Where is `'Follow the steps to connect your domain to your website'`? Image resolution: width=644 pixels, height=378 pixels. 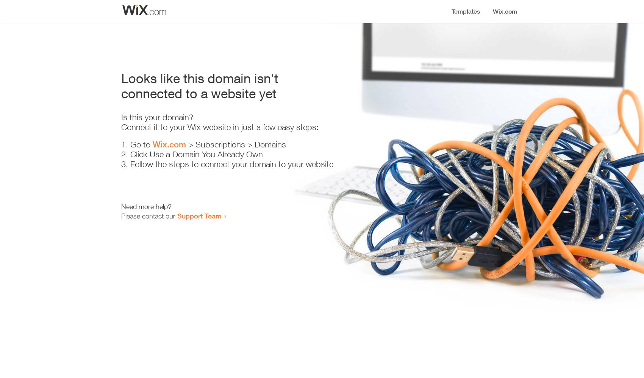 'Follow the steps to connect your domain to your website' is located at coordinates (231, 164).